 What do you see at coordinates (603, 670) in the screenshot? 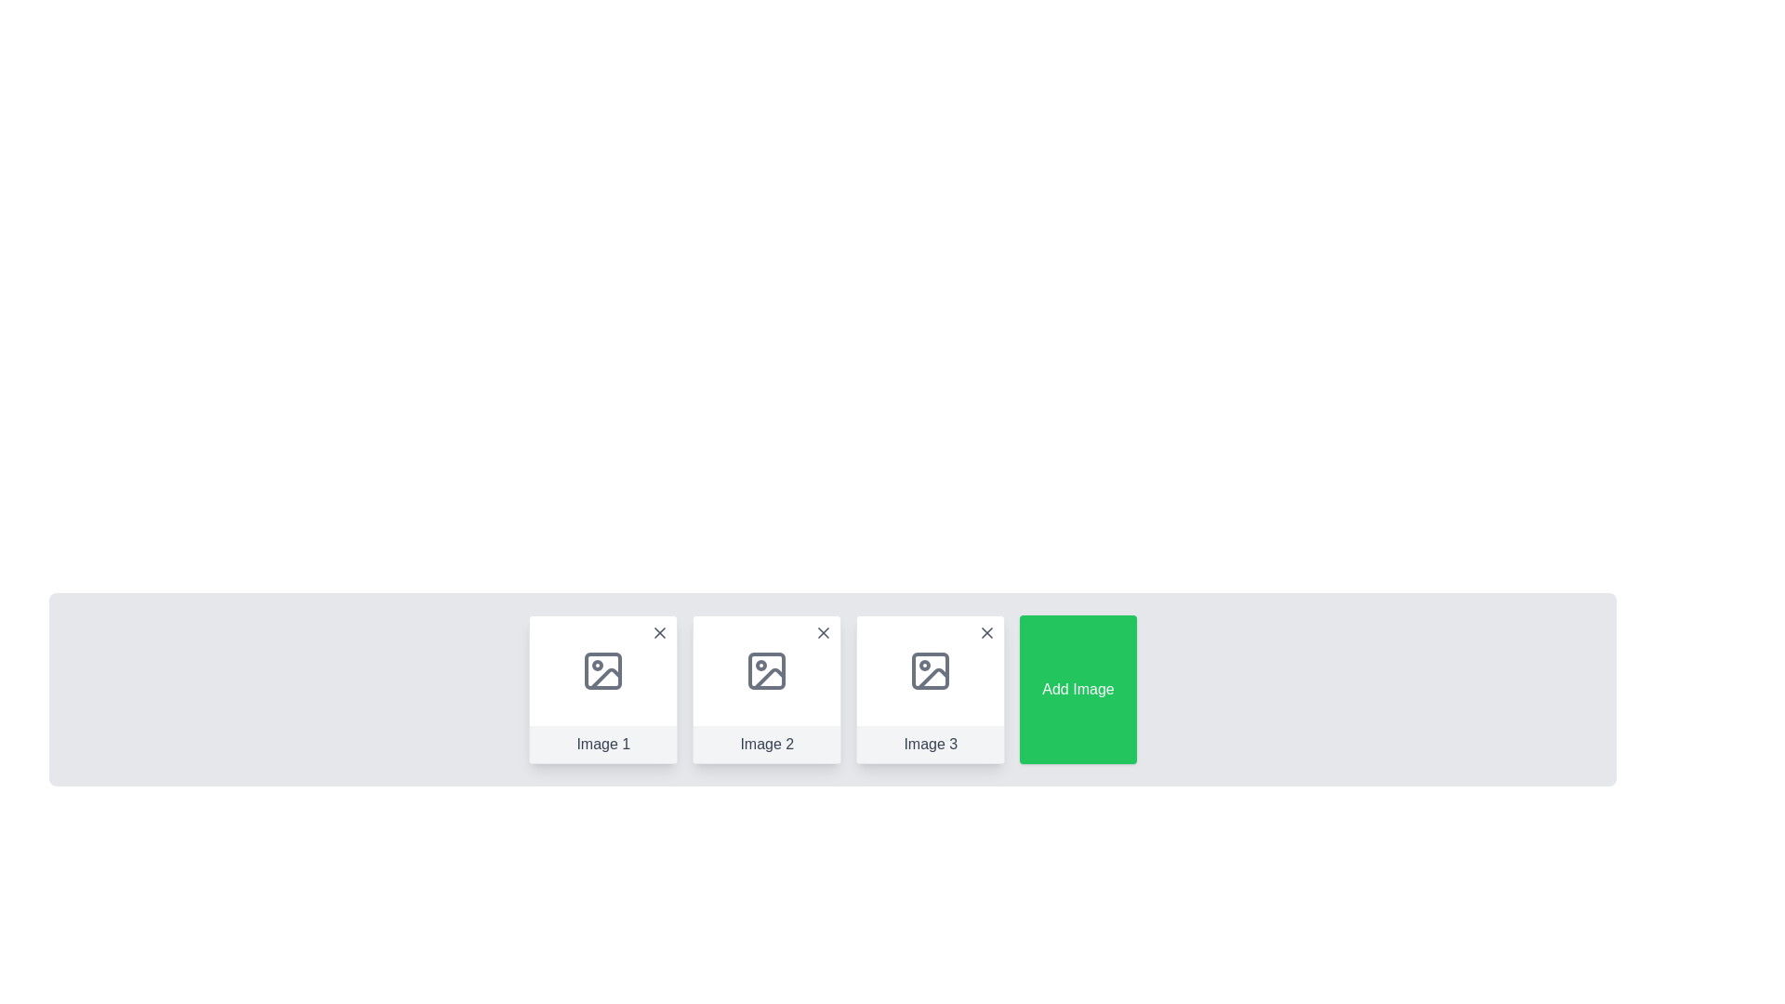
I see `the image icon located in the card labeled 'Image 1', which is the first of three adjacent icons in the horizontal sequence` at bounding box center [603, 670].